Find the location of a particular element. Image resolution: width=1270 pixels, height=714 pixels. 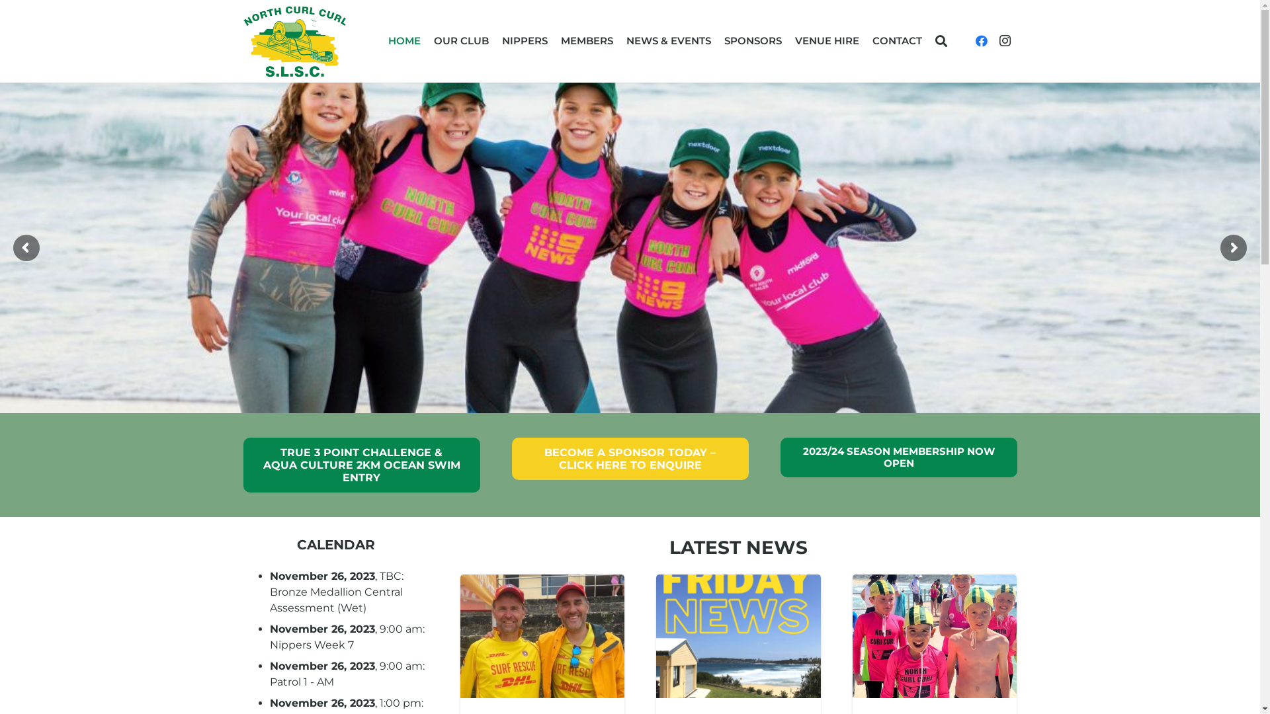

'VENUE HIRE' is located at coordinates (826, 40).